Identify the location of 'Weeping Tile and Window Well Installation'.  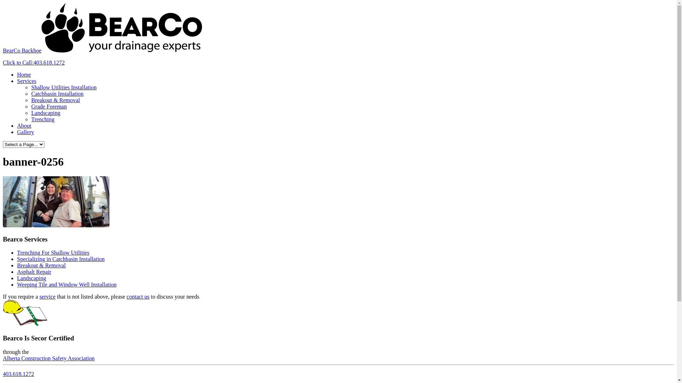
(17, 284).